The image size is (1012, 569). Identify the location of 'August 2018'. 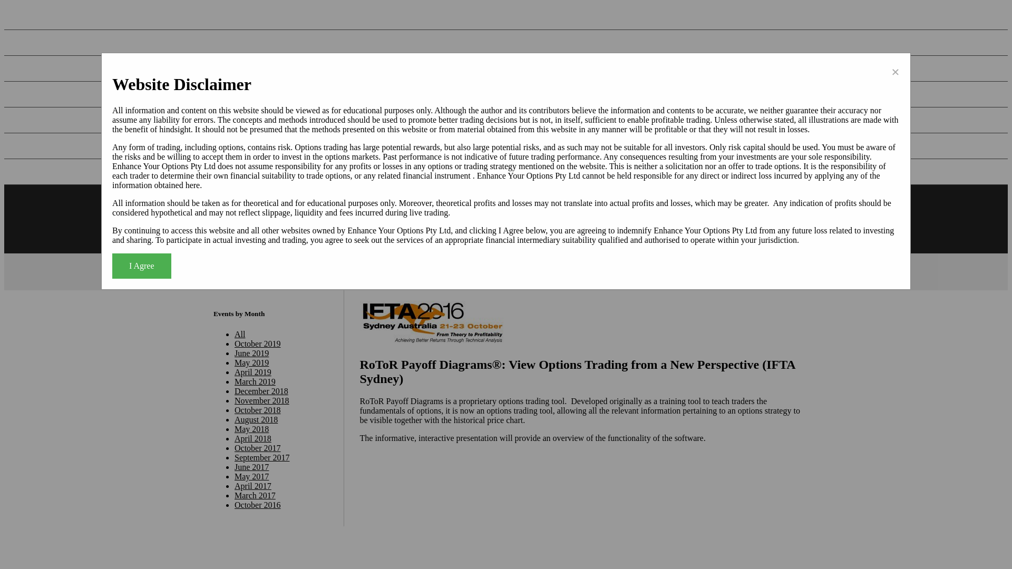
(256, 419).